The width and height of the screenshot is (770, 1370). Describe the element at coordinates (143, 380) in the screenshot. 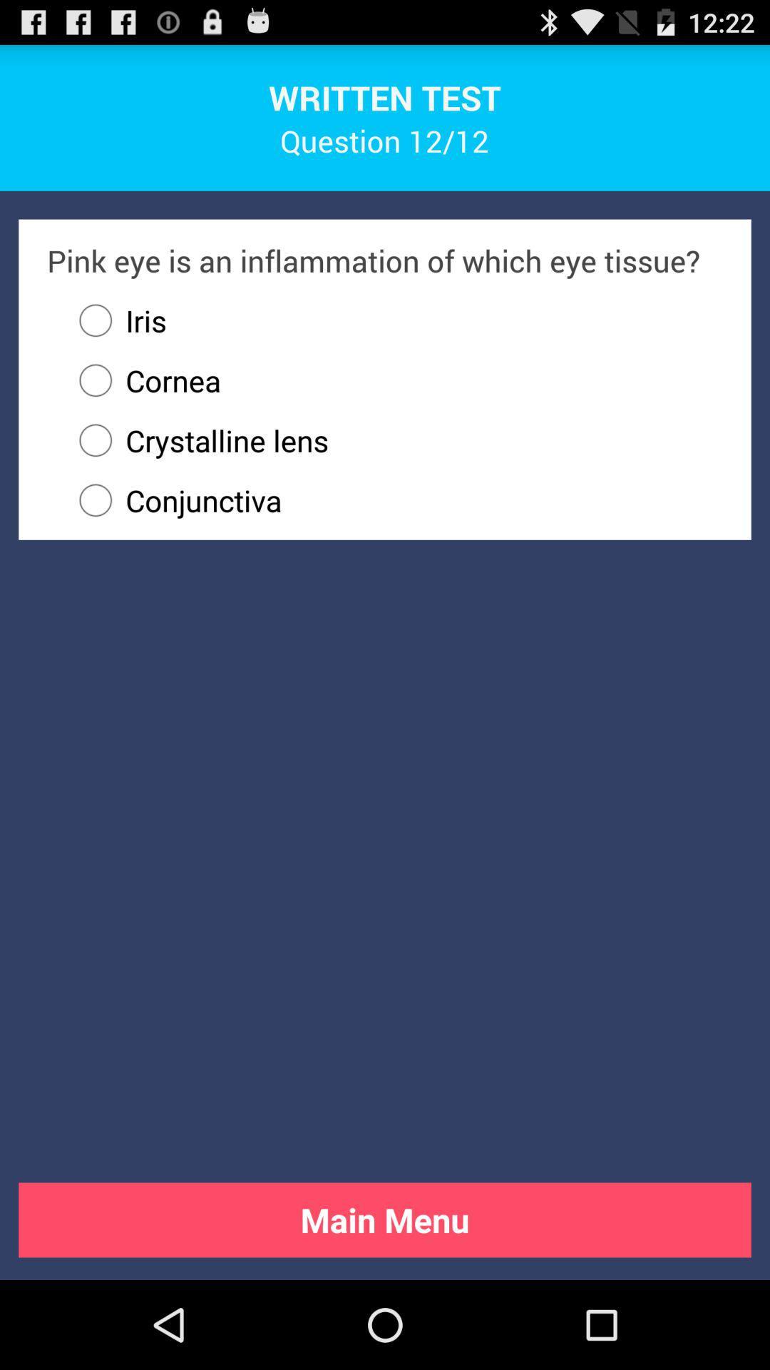

I see `icon below iris icon` at that location.